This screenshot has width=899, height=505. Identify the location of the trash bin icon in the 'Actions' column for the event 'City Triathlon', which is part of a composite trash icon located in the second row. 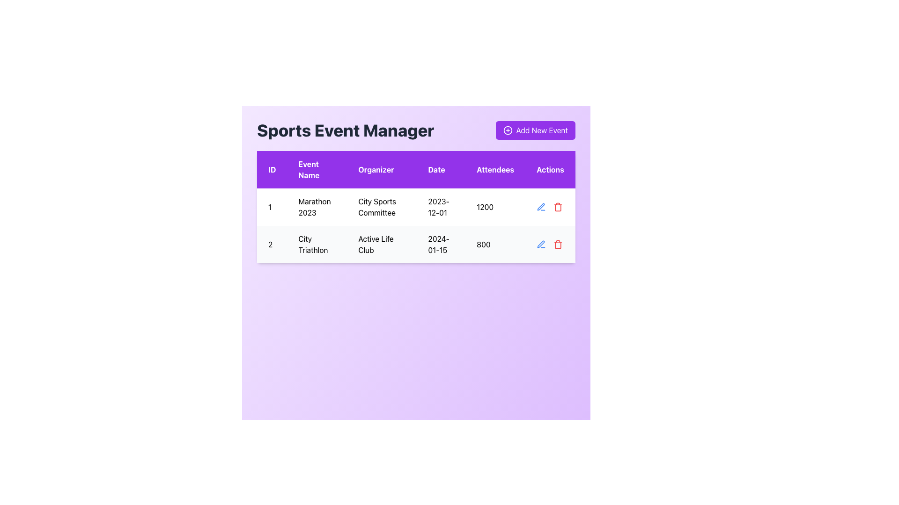
(558, 245).